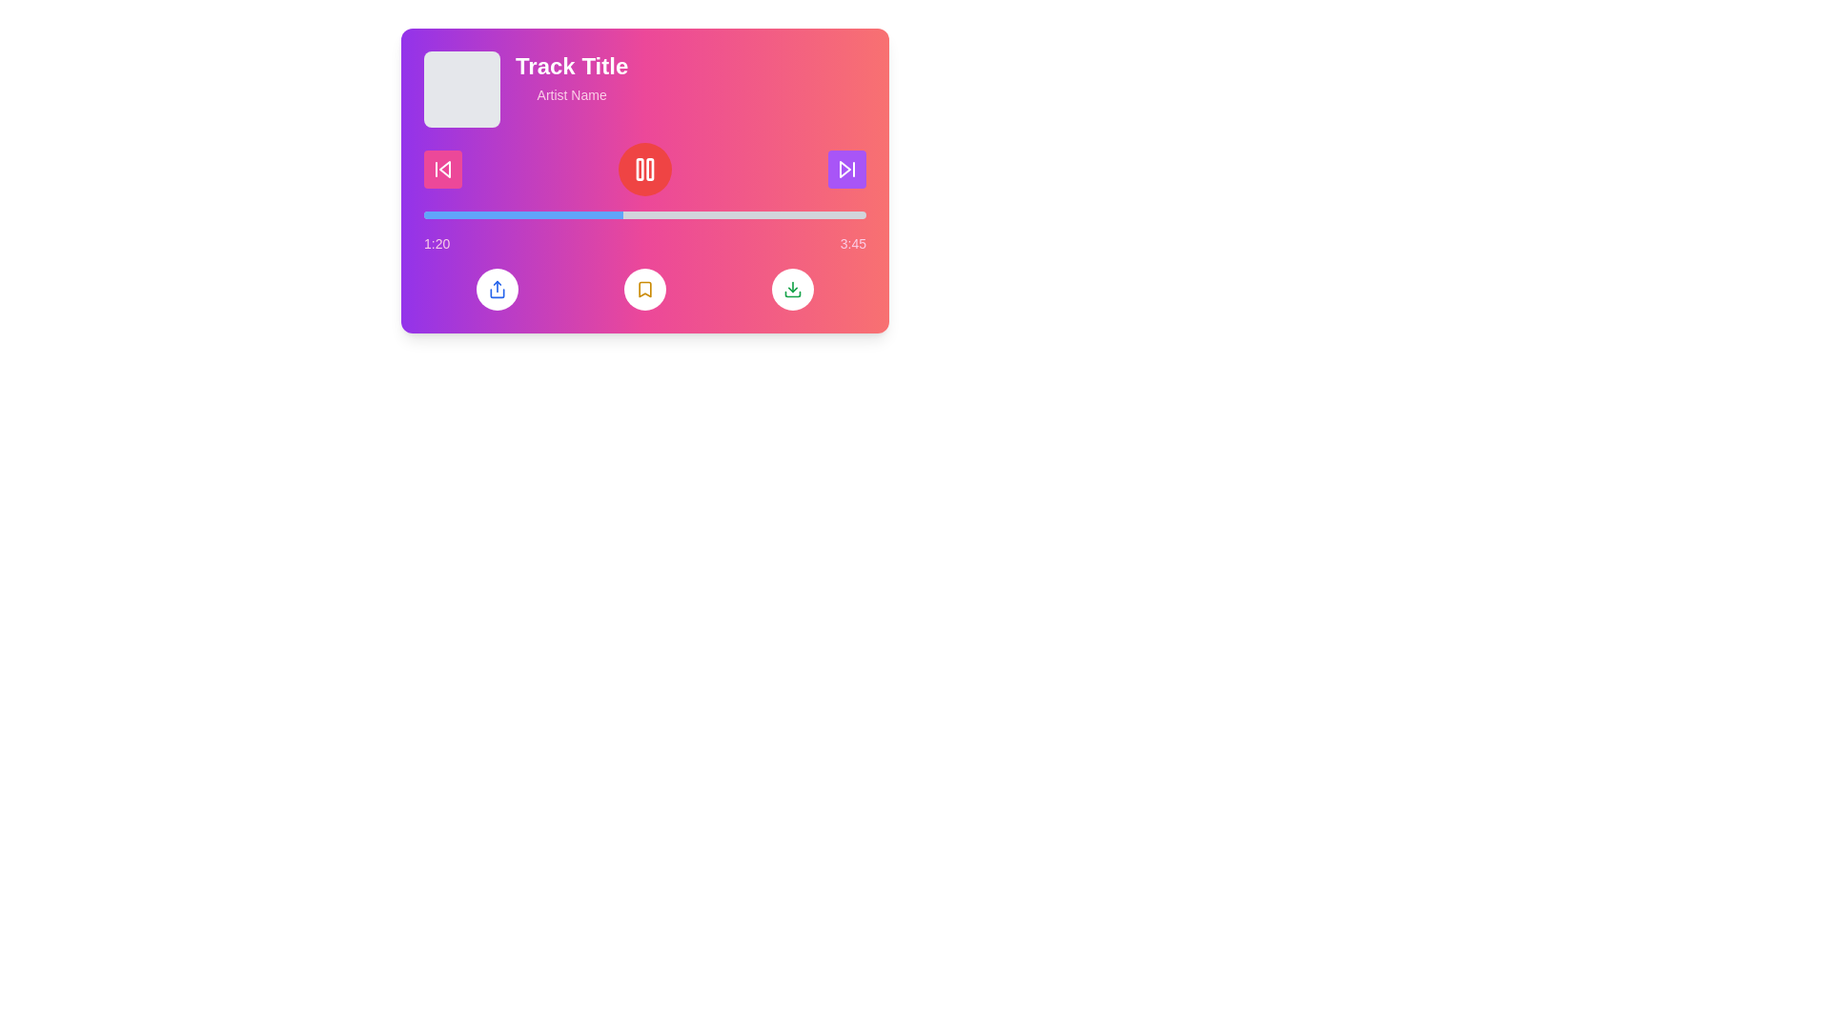  Describe the element at coordinates (538, 214) in the screenshot. I see `playback progress` at that location.